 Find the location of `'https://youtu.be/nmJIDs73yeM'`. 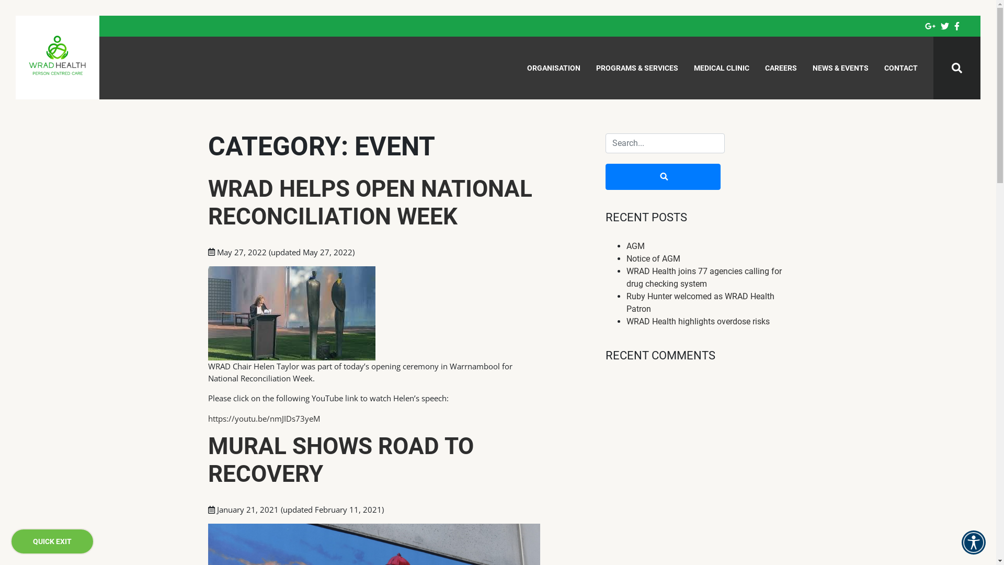

'https://youtu.be/nmJIDs73yeM' is located at coordinates (264, 417).